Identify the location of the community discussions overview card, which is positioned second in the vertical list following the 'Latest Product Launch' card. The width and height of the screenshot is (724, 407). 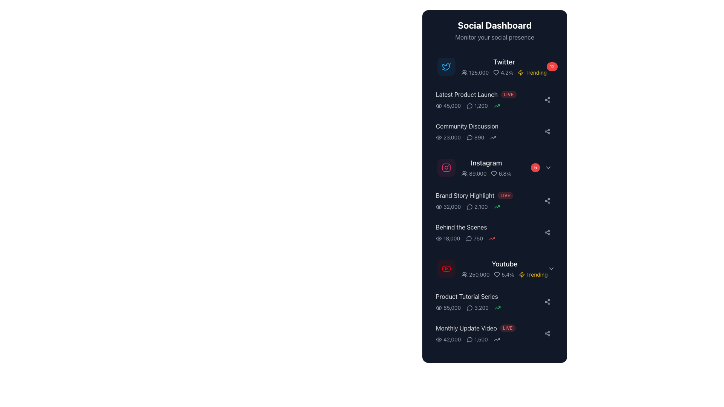
(494, 131).